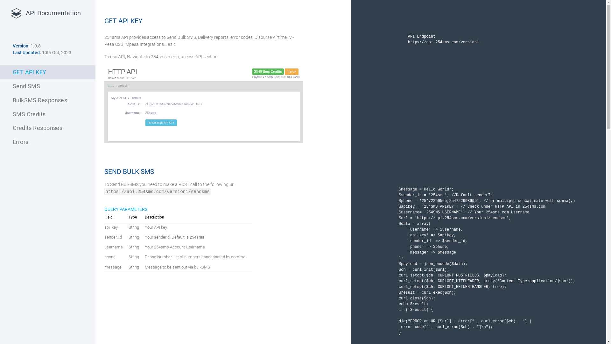 The height and width of the screenshot is (344, 611). Describe the element at coordinates (47, 72) in the screenshot. I see `'GET API KEY'` at that location.